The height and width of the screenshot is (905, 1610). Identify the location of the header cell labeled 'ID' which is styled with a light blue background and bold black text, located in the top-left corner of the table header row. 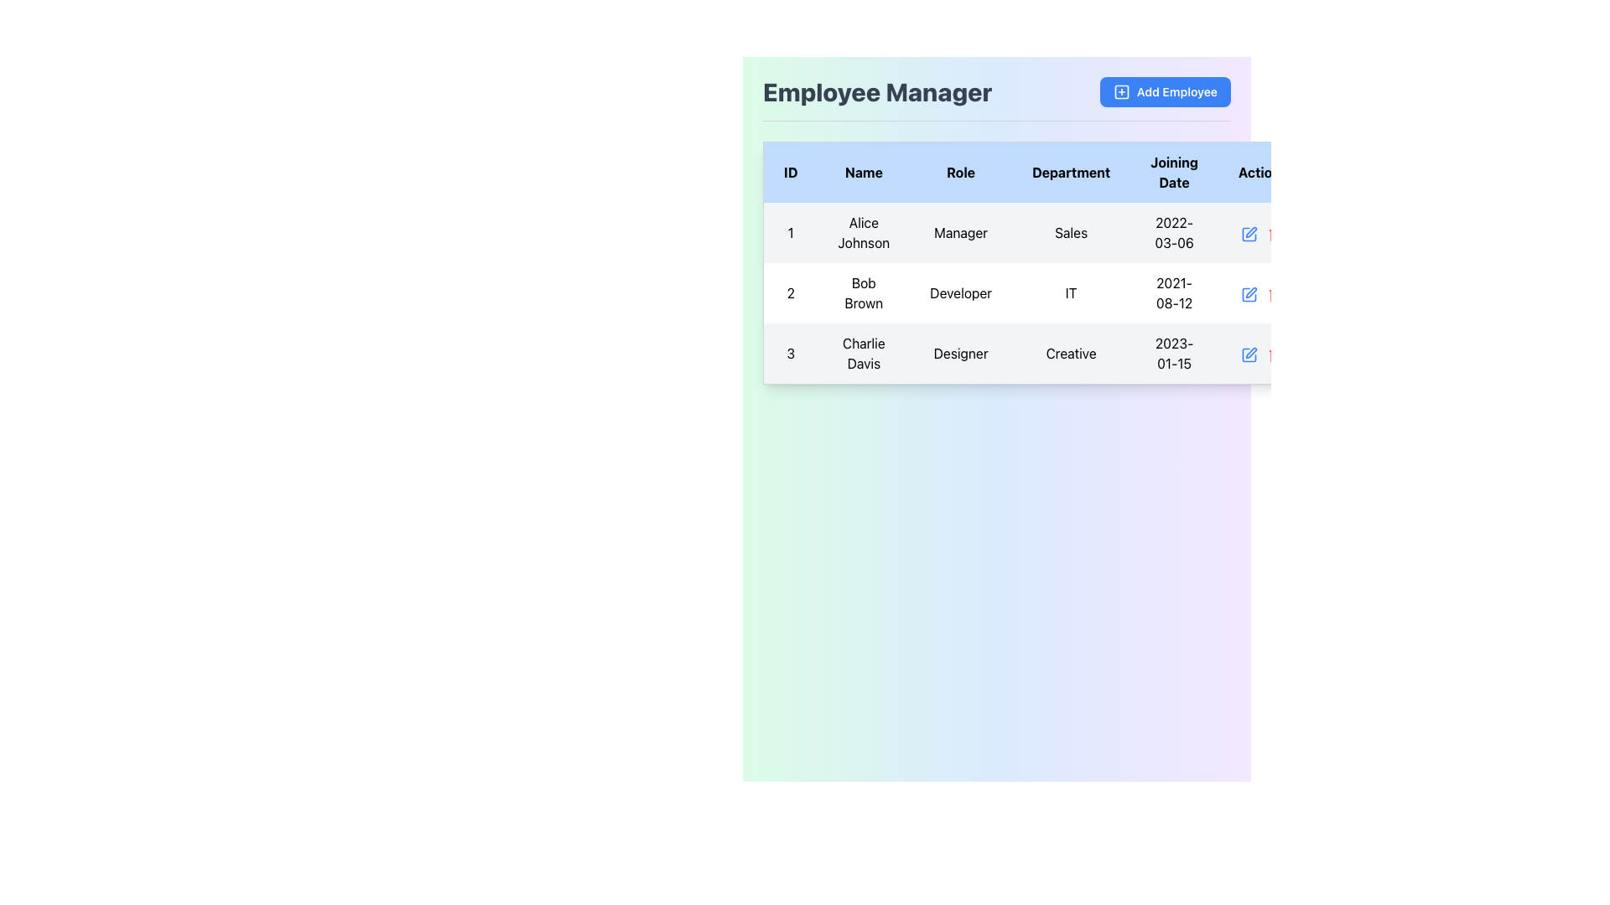
(789, 172).